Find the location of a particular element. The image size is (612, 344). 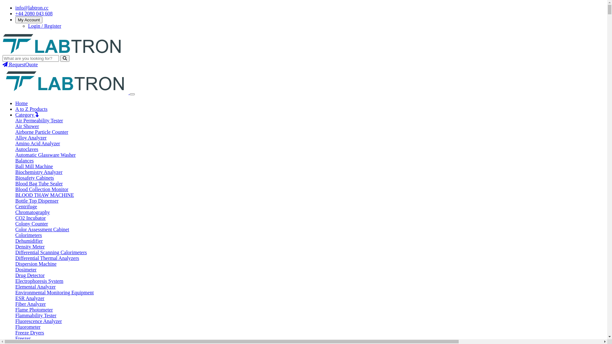

'Flammability Tester' is located at coordinates (35, 315).